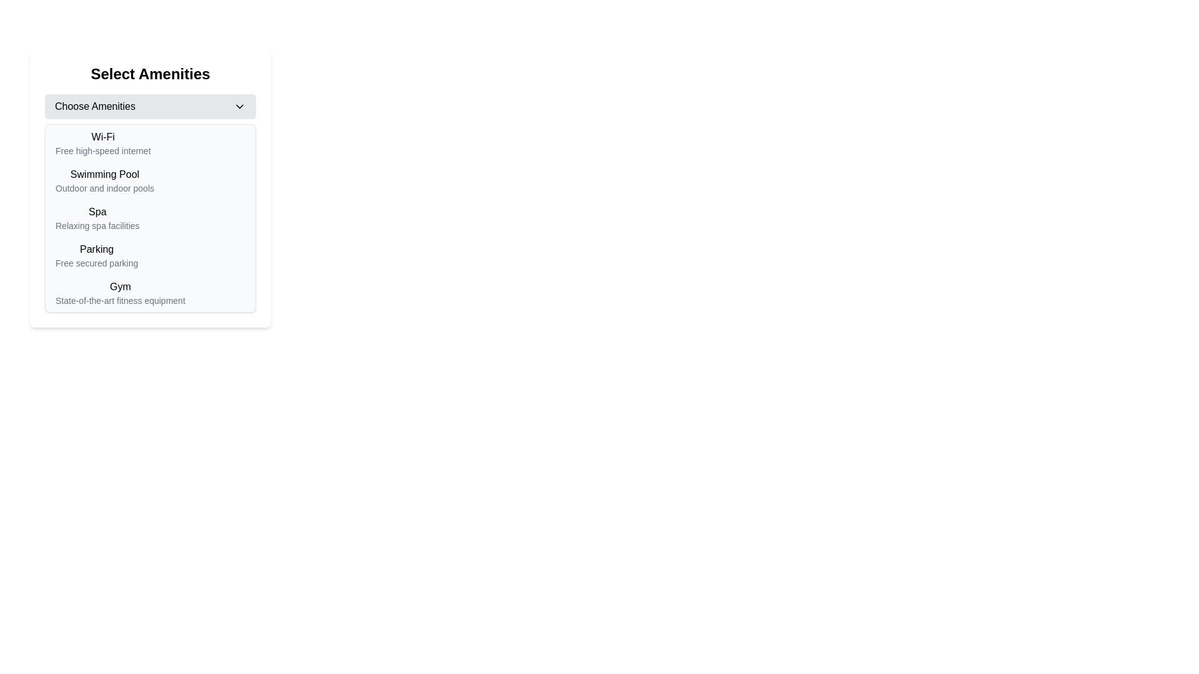 The image size is (1199, 674). What do you see at coordinates (97, 218) in the screenshot?
I see `the 'Spa' amenity list item in the dropdown menu, which is the third item in the list providing details about its features` at bounding box center [97, 218].